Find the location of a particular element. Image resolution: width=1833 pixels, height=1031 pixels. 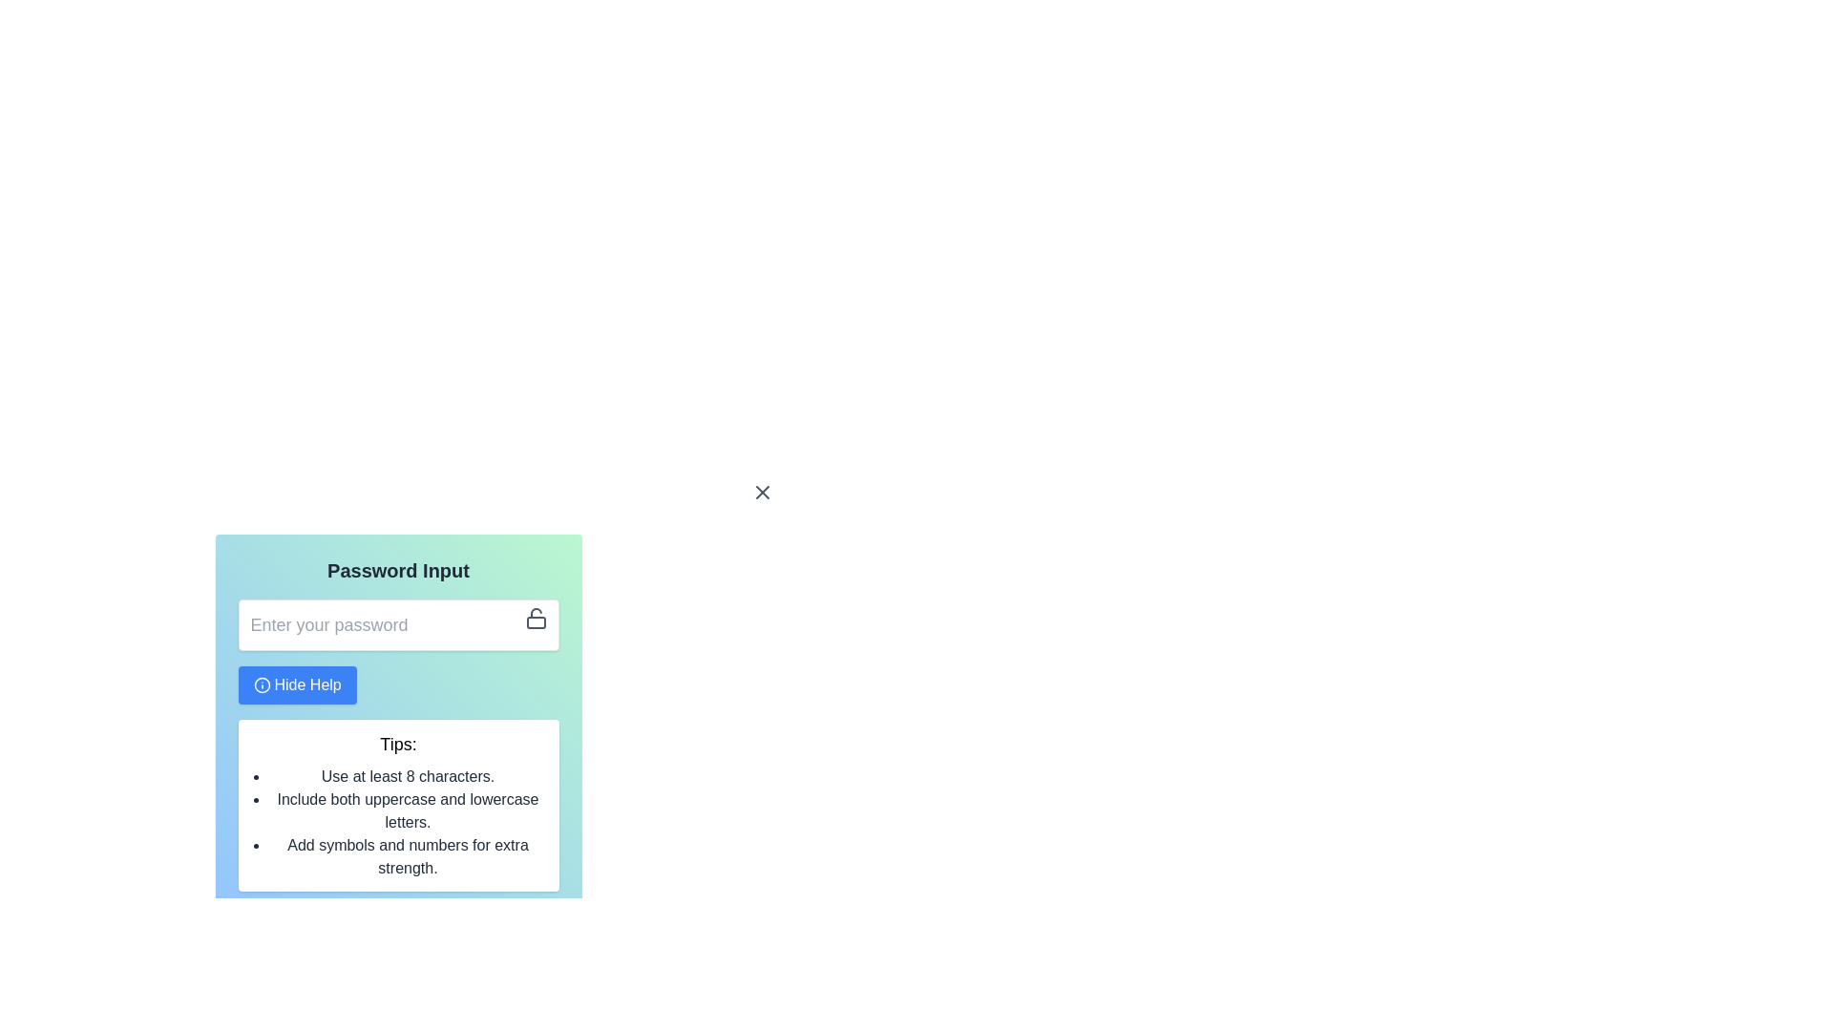

informative text list providing guidelines and suggestions for creating a secure password, which is located below the title 'Tips:' in the 'Password Input' interface box is located at coordinates (397, 821).